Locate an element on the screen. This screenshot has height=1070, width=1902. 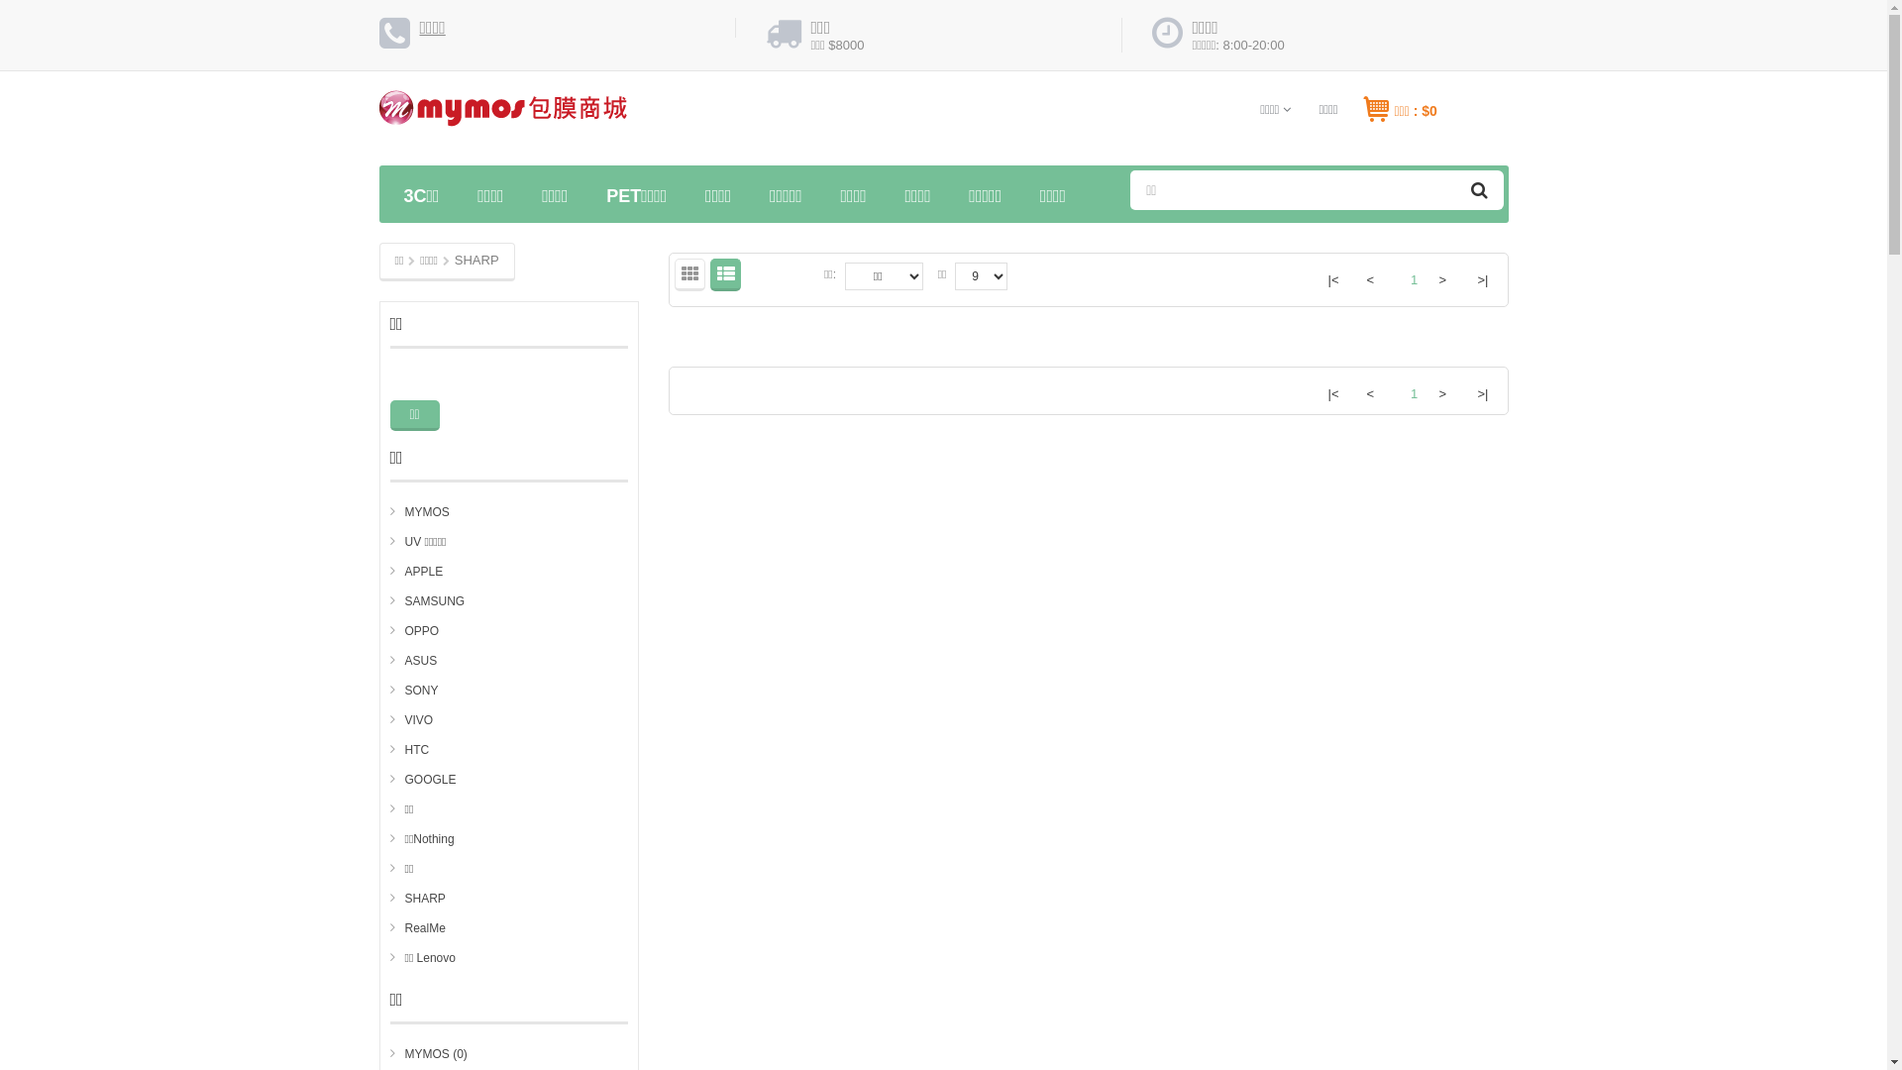
'Mymos' is located at coordinates (502, 117).